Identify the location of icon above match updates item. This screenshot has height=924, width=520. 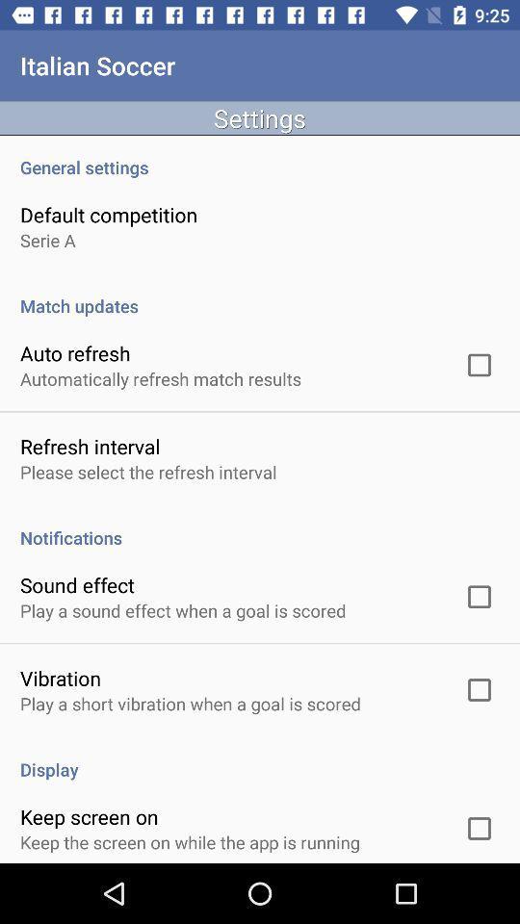
(47, 239).